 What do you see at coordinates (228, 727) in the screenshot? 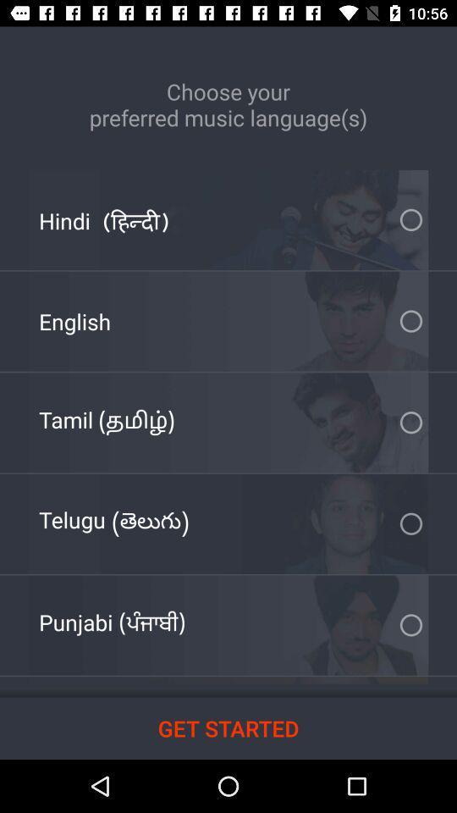
I see `get started item` at bounding box center [228, 727].